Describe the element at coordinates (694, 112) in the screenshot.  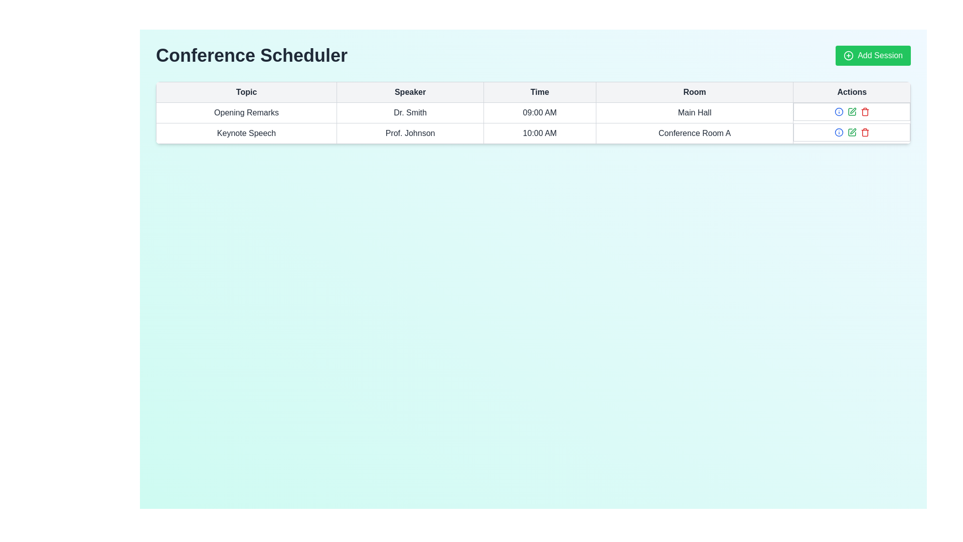
I see `the text label indicating the location of the 'Opening Remarks' session at 09:00 AM, which is located in the fourth column of the first data row` at that location.